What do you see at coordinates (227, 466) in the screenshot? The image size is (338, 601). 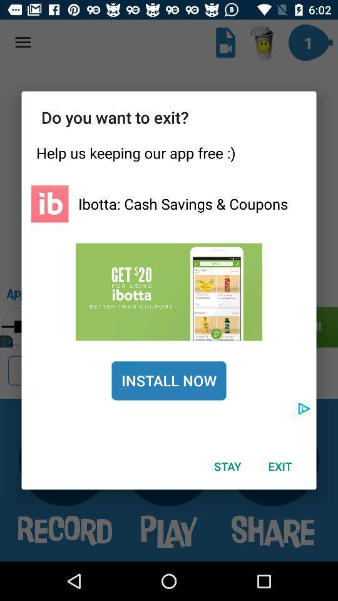 I see `icon below install now icon` at bounding box center [227, 466].